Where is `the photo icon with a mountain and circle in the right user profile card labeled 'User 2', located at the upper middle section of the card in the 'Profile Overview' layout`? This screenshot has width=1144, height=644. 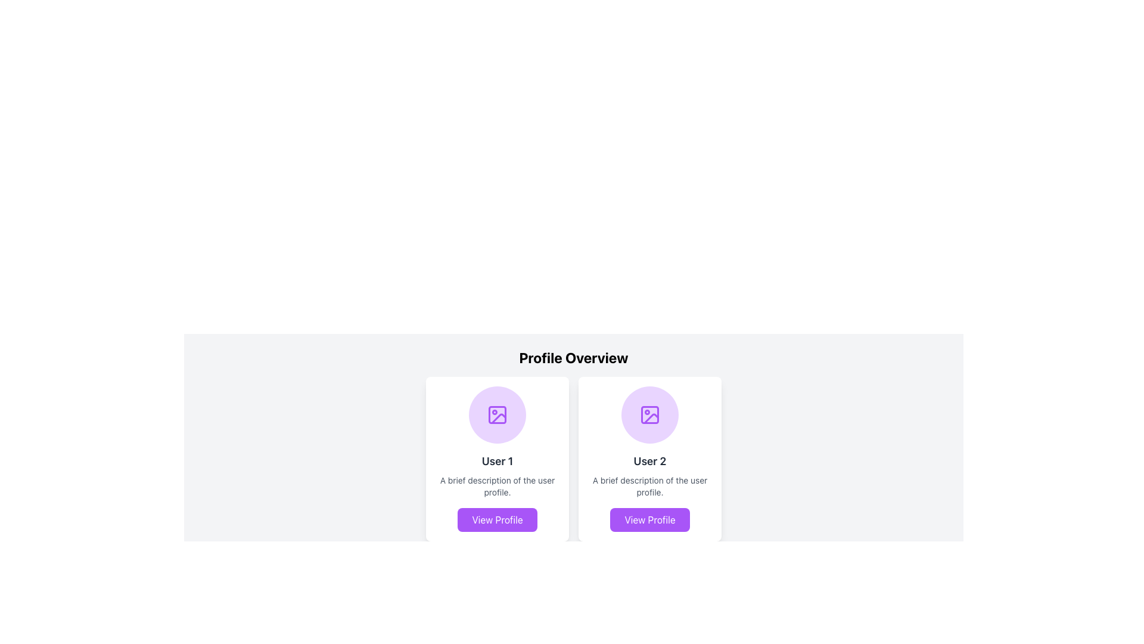 the photo icon with a mountain and circle in the right user profile card labeled 'User 2', located at the upper middle section of the card in the 'Profile Overview' layout is located at coordinates (649, 414).